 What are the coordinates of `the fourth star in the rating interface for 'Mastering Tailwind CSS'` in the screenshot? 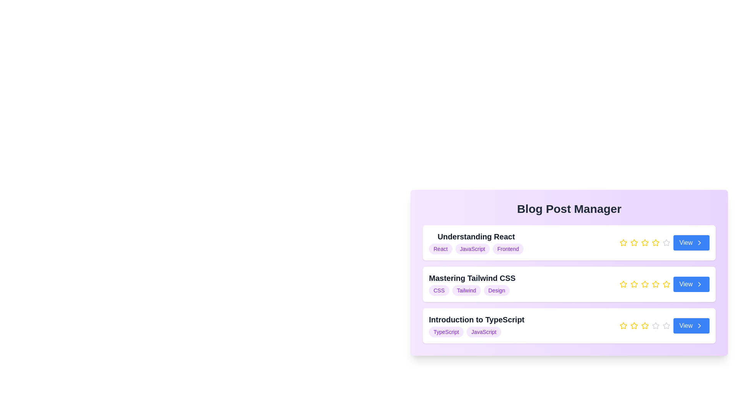 It's located at (655, 284).